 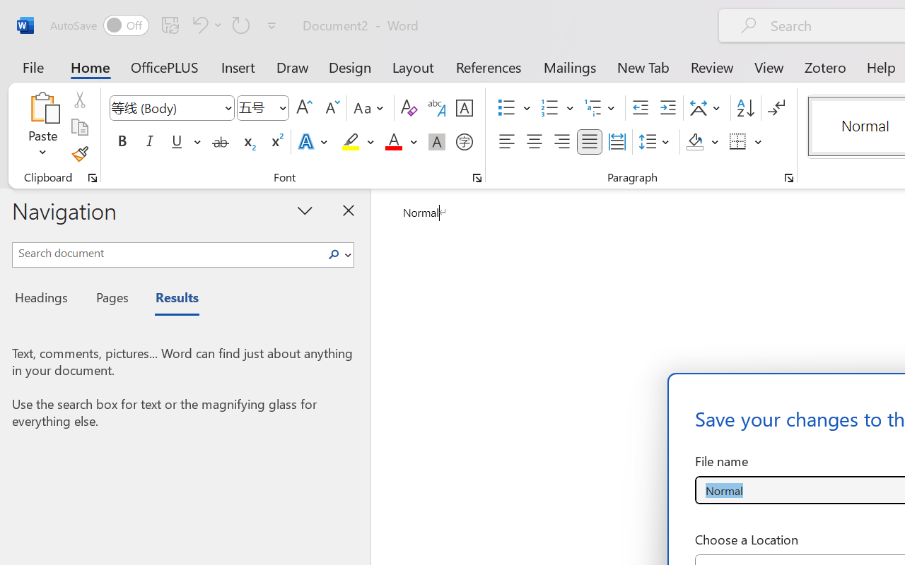 I want to click on 'Shrink Font', so click(x=330, y=108).